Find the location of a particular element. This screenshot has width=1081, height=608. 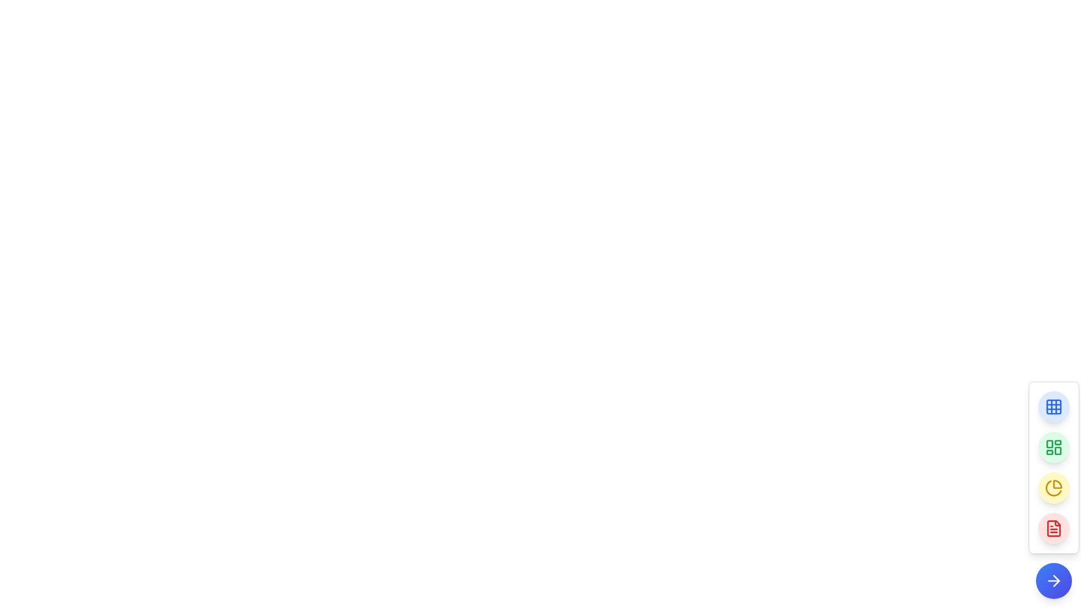

the circular green button with a dashboard icon, which is the second button in a vertical stack of four similar buttons is located at coordinates (1053, 446).